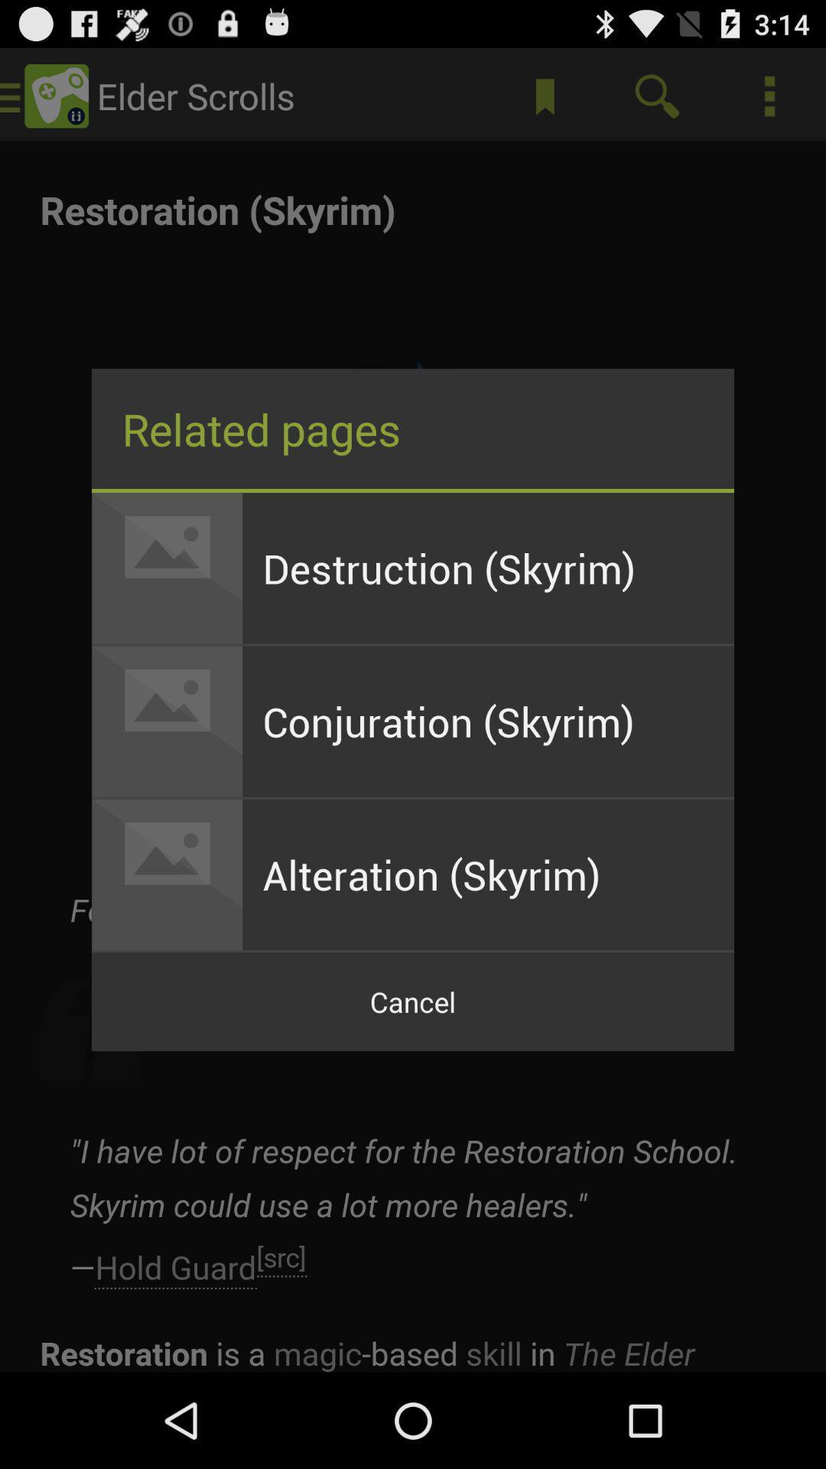 The image size is (826, 1469). What do you see at coordinates (488, 567) in the screenshot?
I see `the icon above conjuration (skyrim) app` at bounding box center [488, 567].